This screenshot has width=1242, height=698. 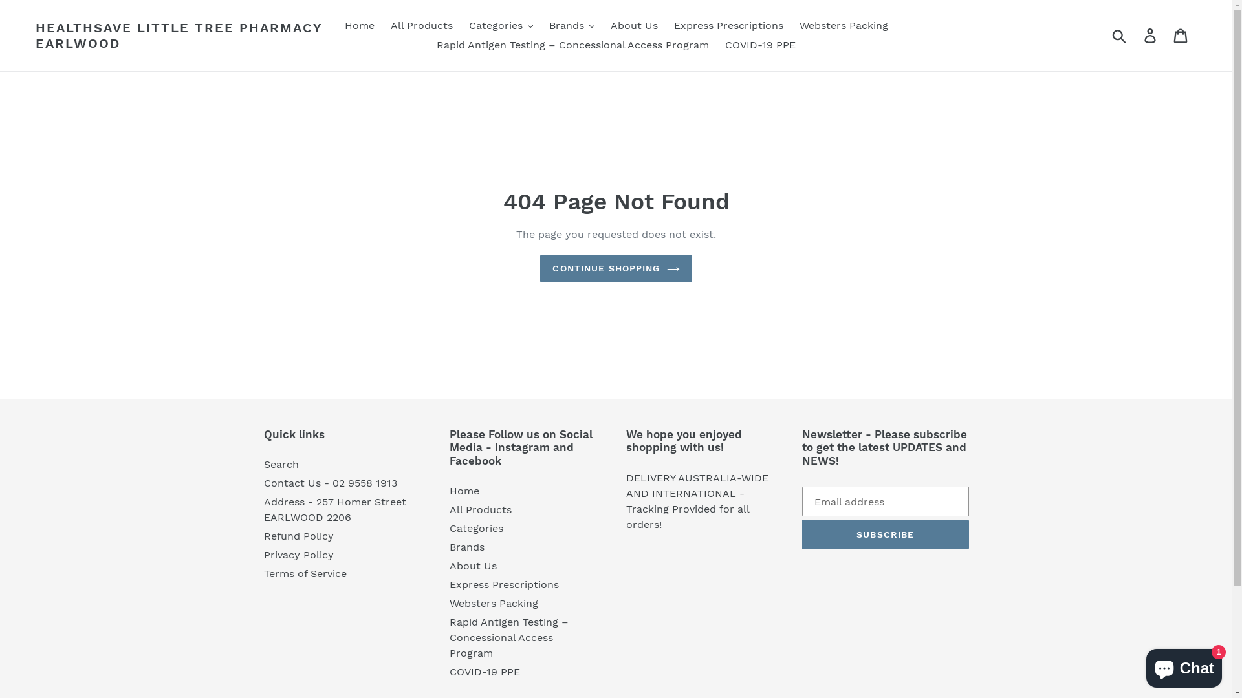 What do you see at coordinates (1119, 34) in the screenshot?
I see `'Submit'` at bounding box center [1119, 34].